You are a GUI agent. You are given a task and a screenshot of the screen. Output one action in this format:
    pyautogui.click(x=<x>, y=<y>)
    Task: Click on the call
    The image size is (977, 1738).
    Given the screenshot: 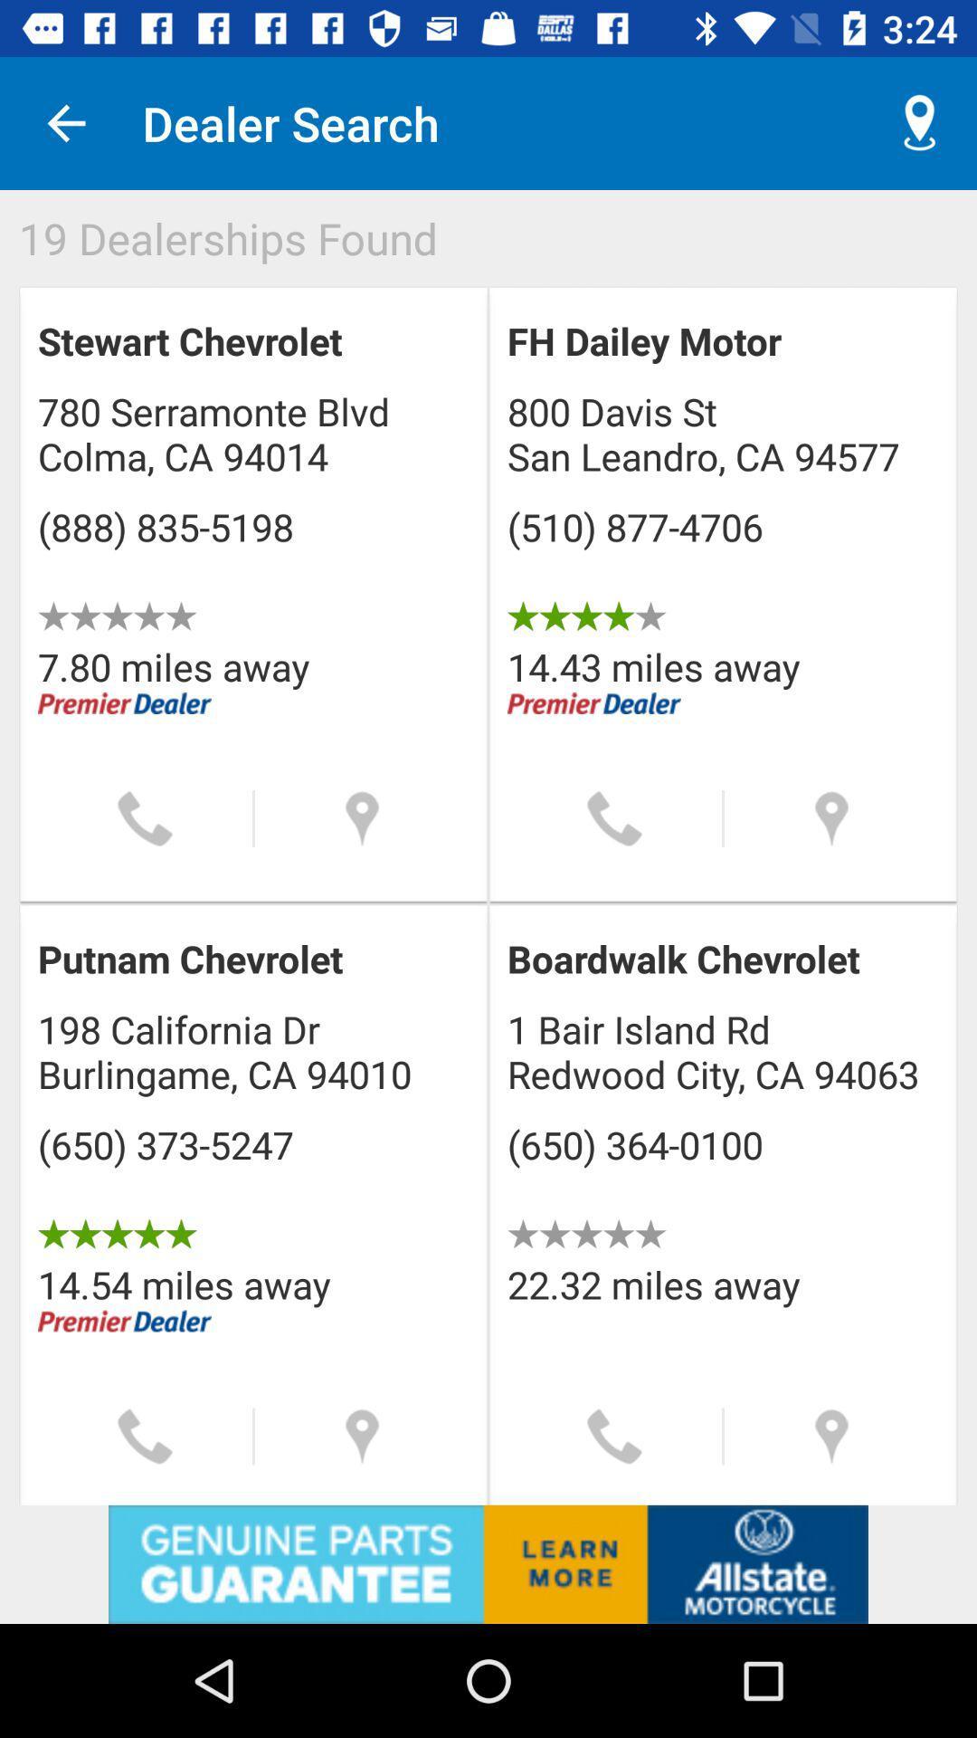 What is the action you would take?
    pyautogui.click(x=613, y=1436)
    